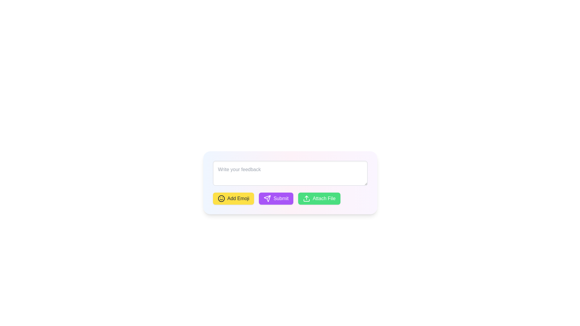 This screenshot has height=326, width=580. I want to click on the 'Add Emoji' button, which is a yellow button containing an icon that indicates the feature for adding emojis, located at the leftmost position of a row of buttons under the text input area, so click(221, 199).